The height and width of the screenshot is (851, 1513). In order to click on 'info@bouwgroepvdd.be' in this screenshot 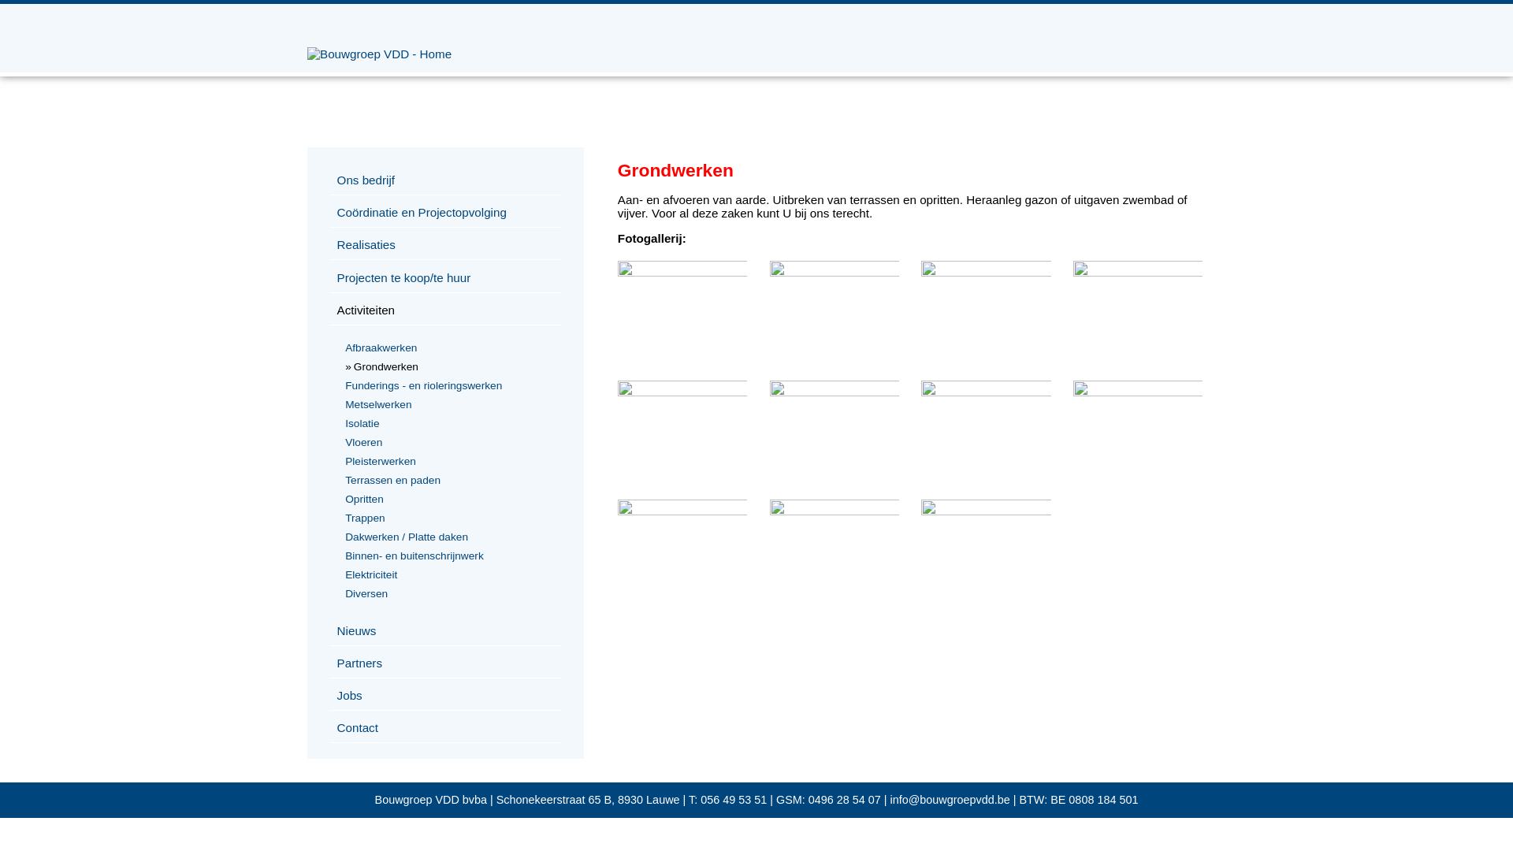, I will do `click(949, 799)`.